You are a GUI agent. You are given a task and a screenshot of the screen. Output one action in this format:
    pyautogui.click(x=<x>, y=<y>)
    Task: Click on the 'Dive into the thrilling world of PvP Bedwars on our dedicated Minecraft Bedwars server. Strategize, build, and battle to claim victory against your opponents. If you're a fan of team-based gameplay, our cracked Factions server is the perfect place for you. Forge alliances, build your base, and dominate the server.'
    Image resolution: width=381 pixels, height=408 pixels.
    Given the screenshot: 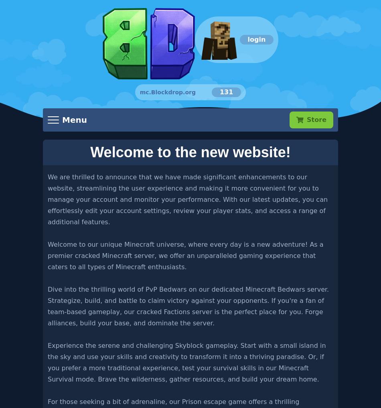 What is the action you would take?
    pyautogui.click(x=188, y=306)
    